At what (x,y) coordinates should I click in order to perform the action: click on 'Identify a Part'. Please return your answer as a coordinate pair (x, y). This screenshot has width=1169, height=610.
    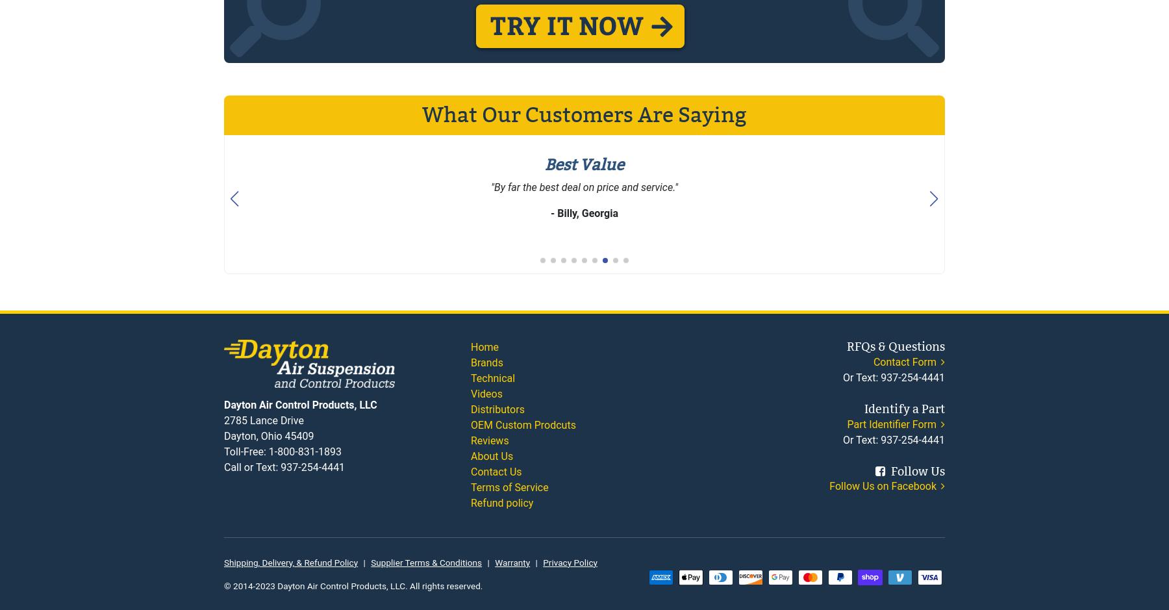
    Looking at the image, I should click on (864, 407).